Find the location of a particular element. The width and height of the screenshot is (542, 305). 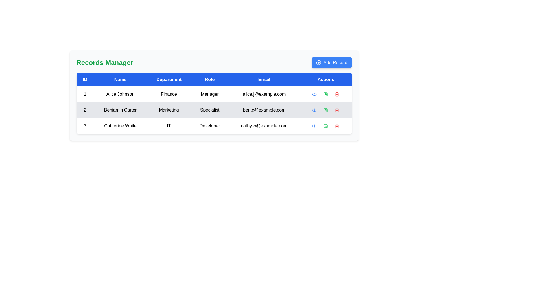

the deletion button in the 'Actions' column of the second row, which is associated with the 'Benjamin Carter' record is located at coordinates (337, 110).